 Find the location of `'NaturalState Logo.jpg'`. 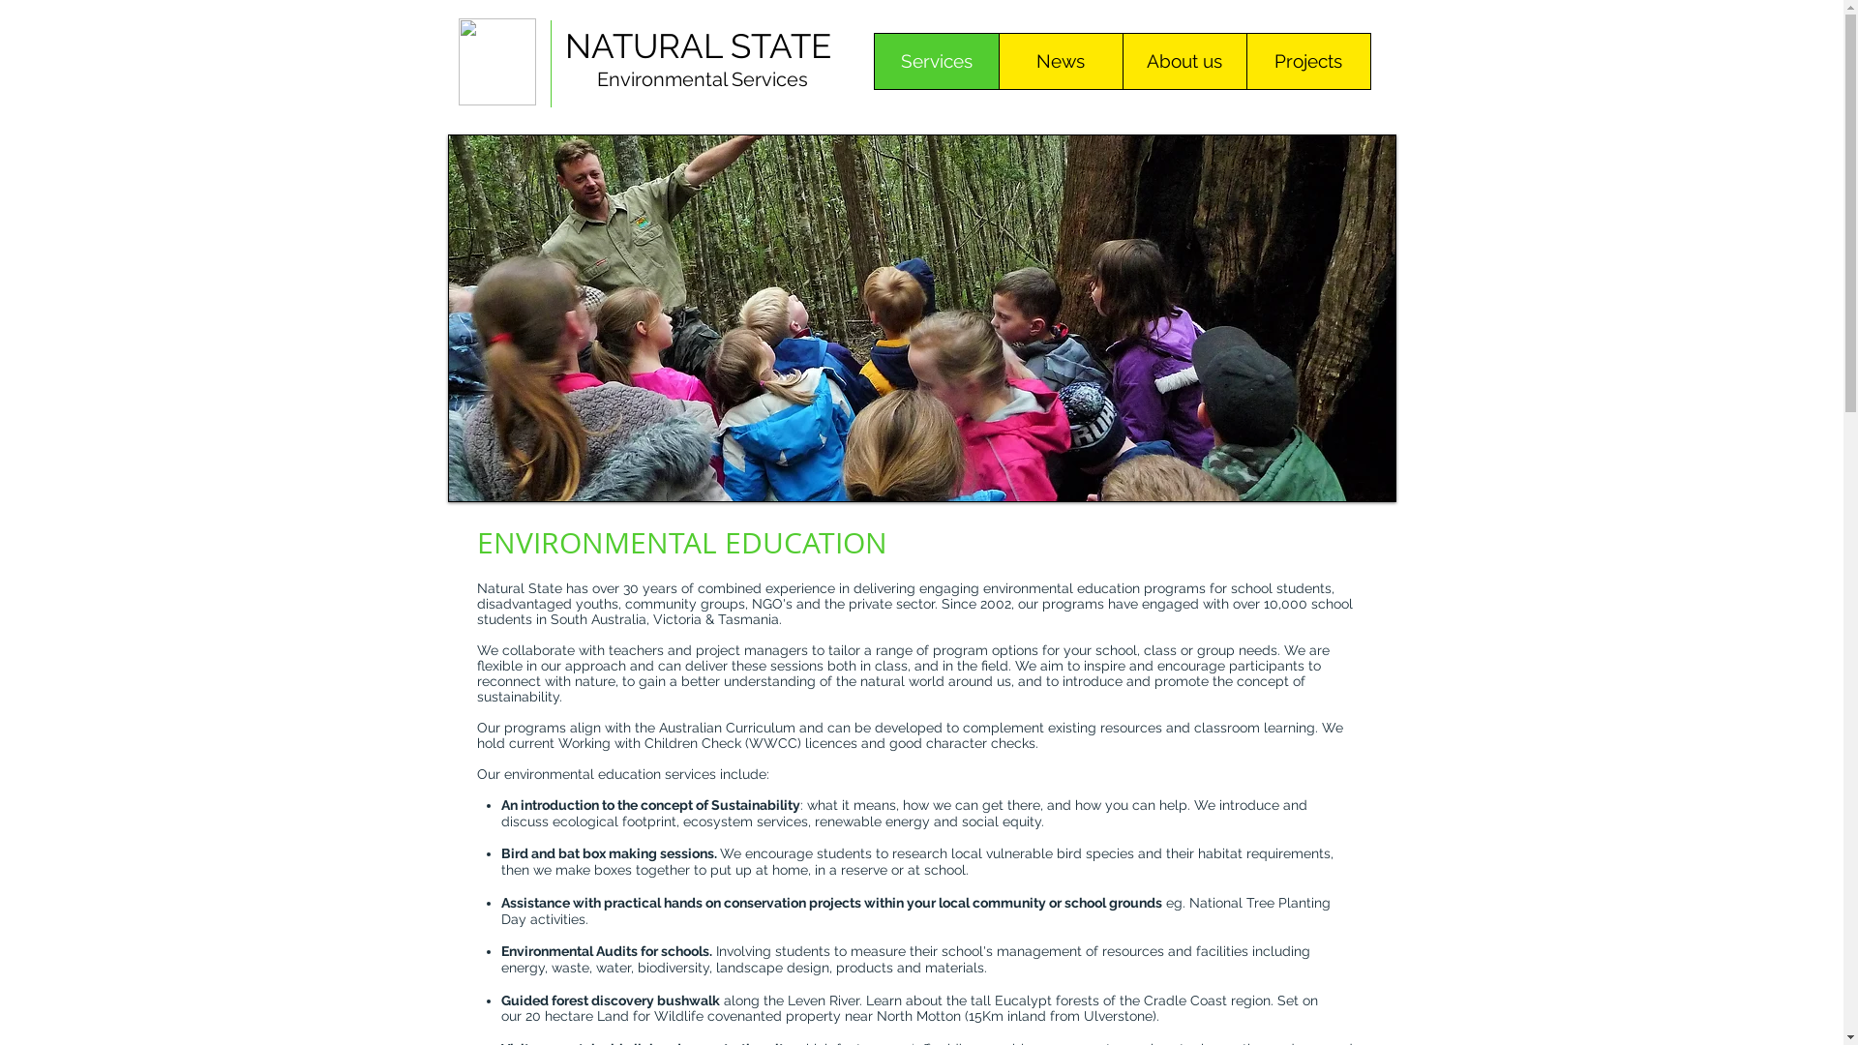

'NaturalState Logo.jpg' is located at coordinates (458, 61).